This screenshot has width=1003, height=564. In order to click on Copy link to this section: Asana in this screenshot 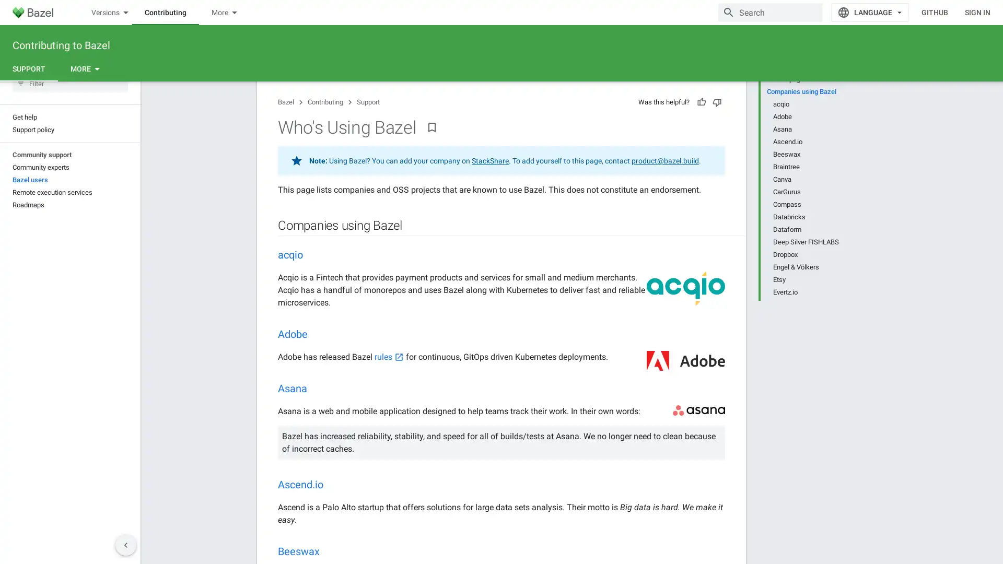, I will do `click(317, 407)`.